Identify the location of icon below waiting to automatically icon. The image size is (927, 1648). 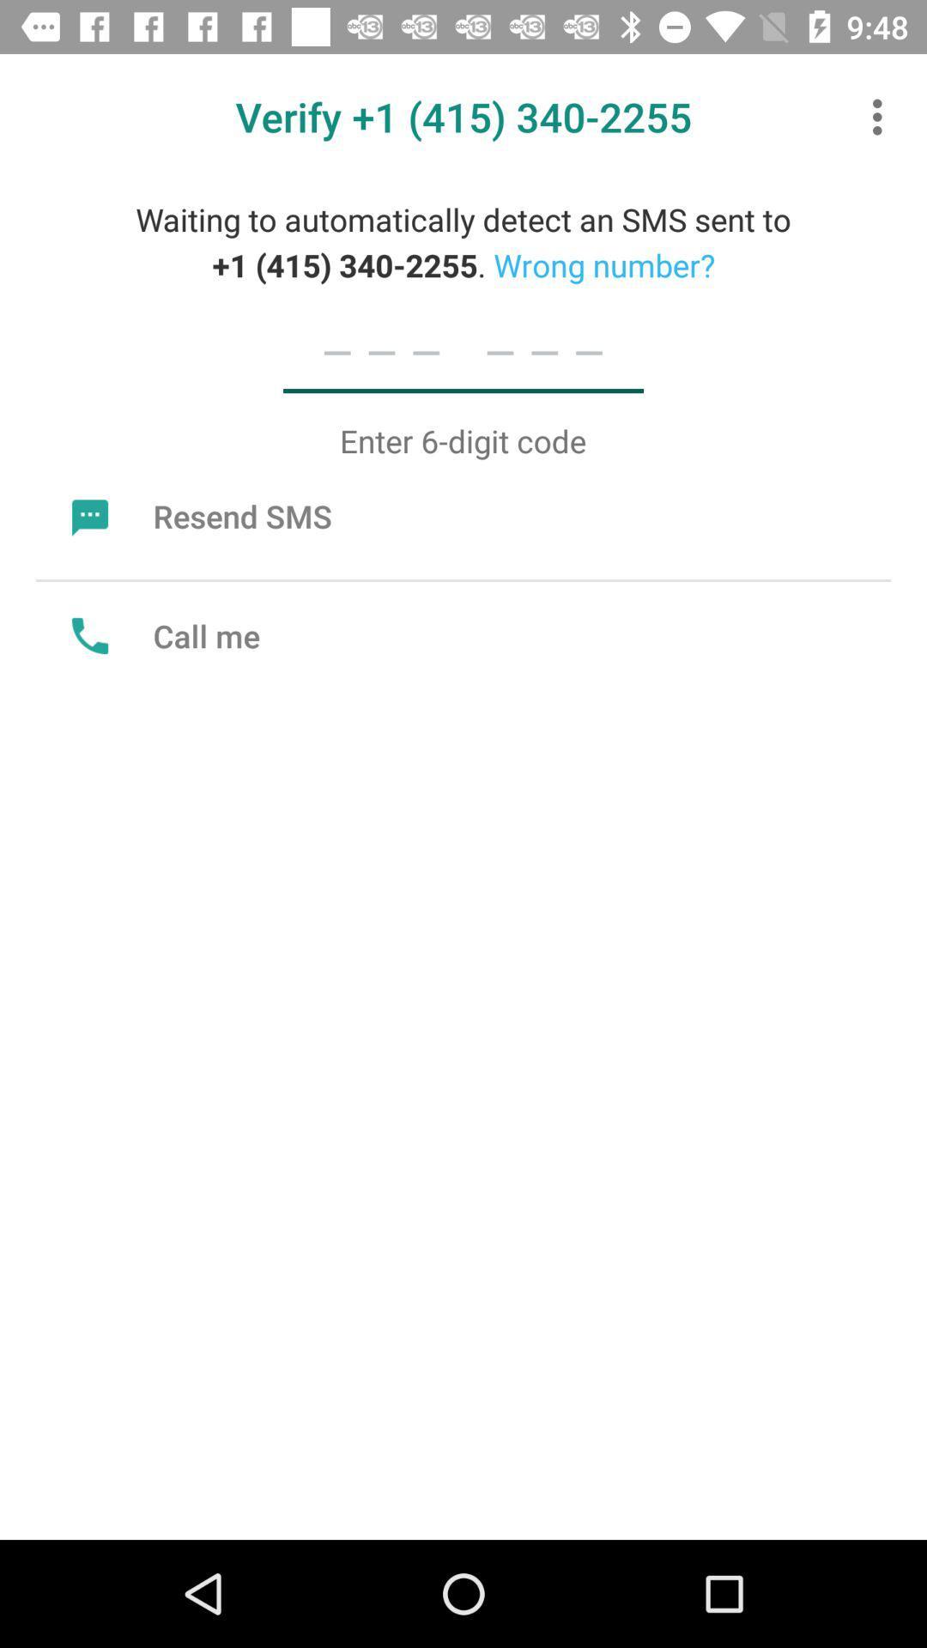
(463, 350).